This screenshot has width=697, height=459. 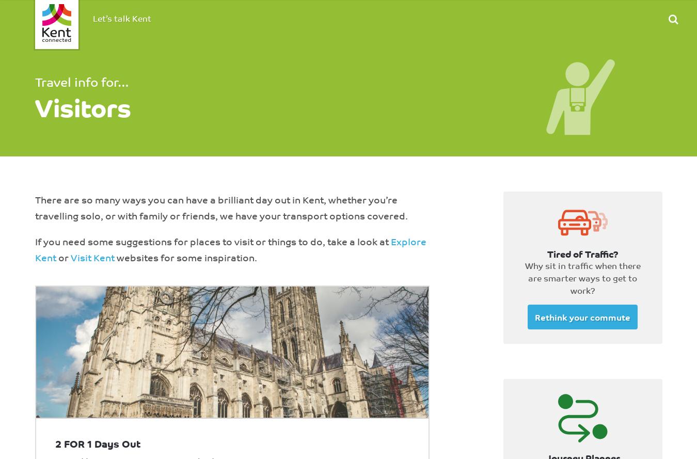 I want to click on 'Rethink your commute', so click(x=582, y=316).